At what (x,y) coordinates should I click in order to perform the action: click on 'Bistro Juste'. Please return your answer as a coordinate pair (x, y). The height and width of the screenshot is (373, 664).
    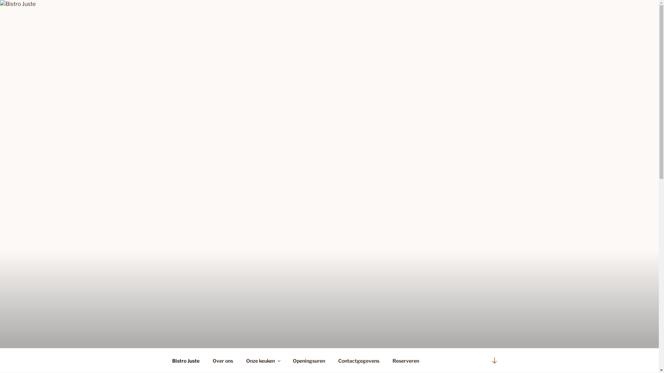
    Looking at the image, I should click on (166, 360).